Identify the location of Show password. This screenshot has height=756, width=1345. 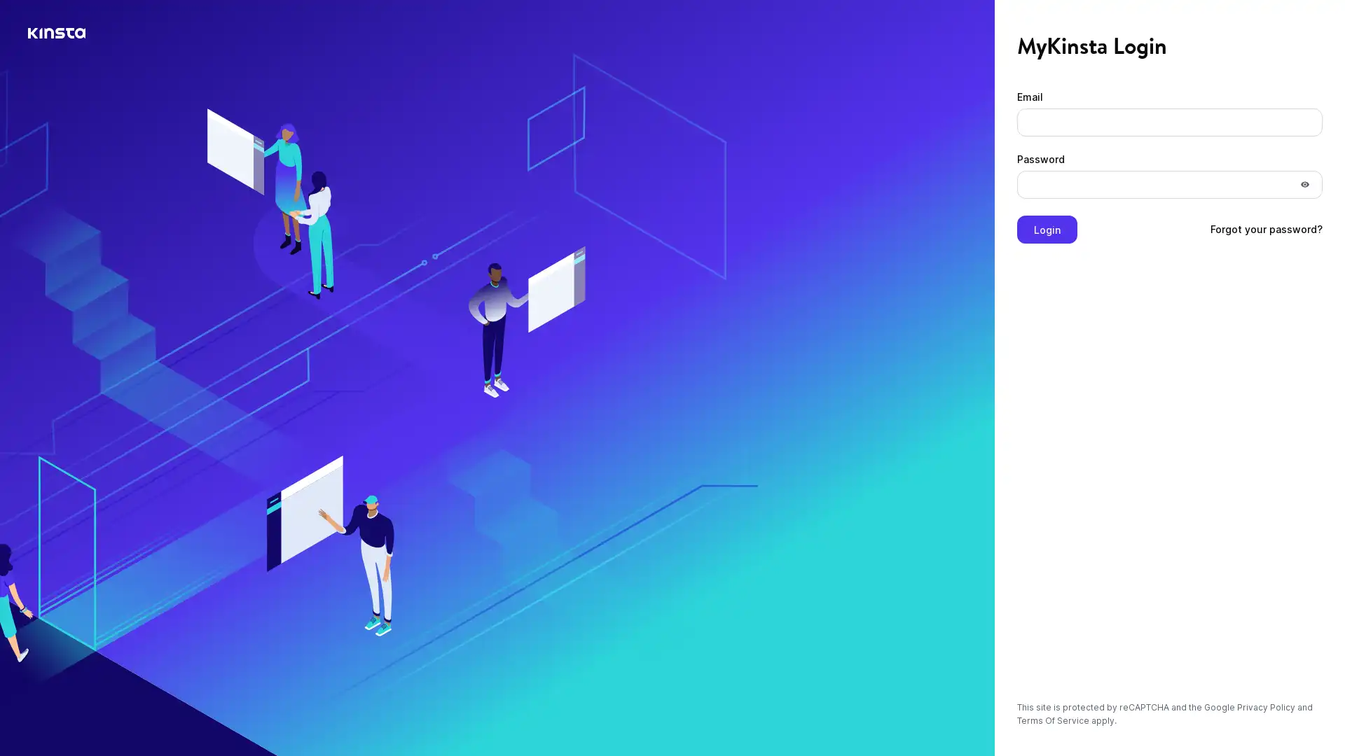
(1304, 183).